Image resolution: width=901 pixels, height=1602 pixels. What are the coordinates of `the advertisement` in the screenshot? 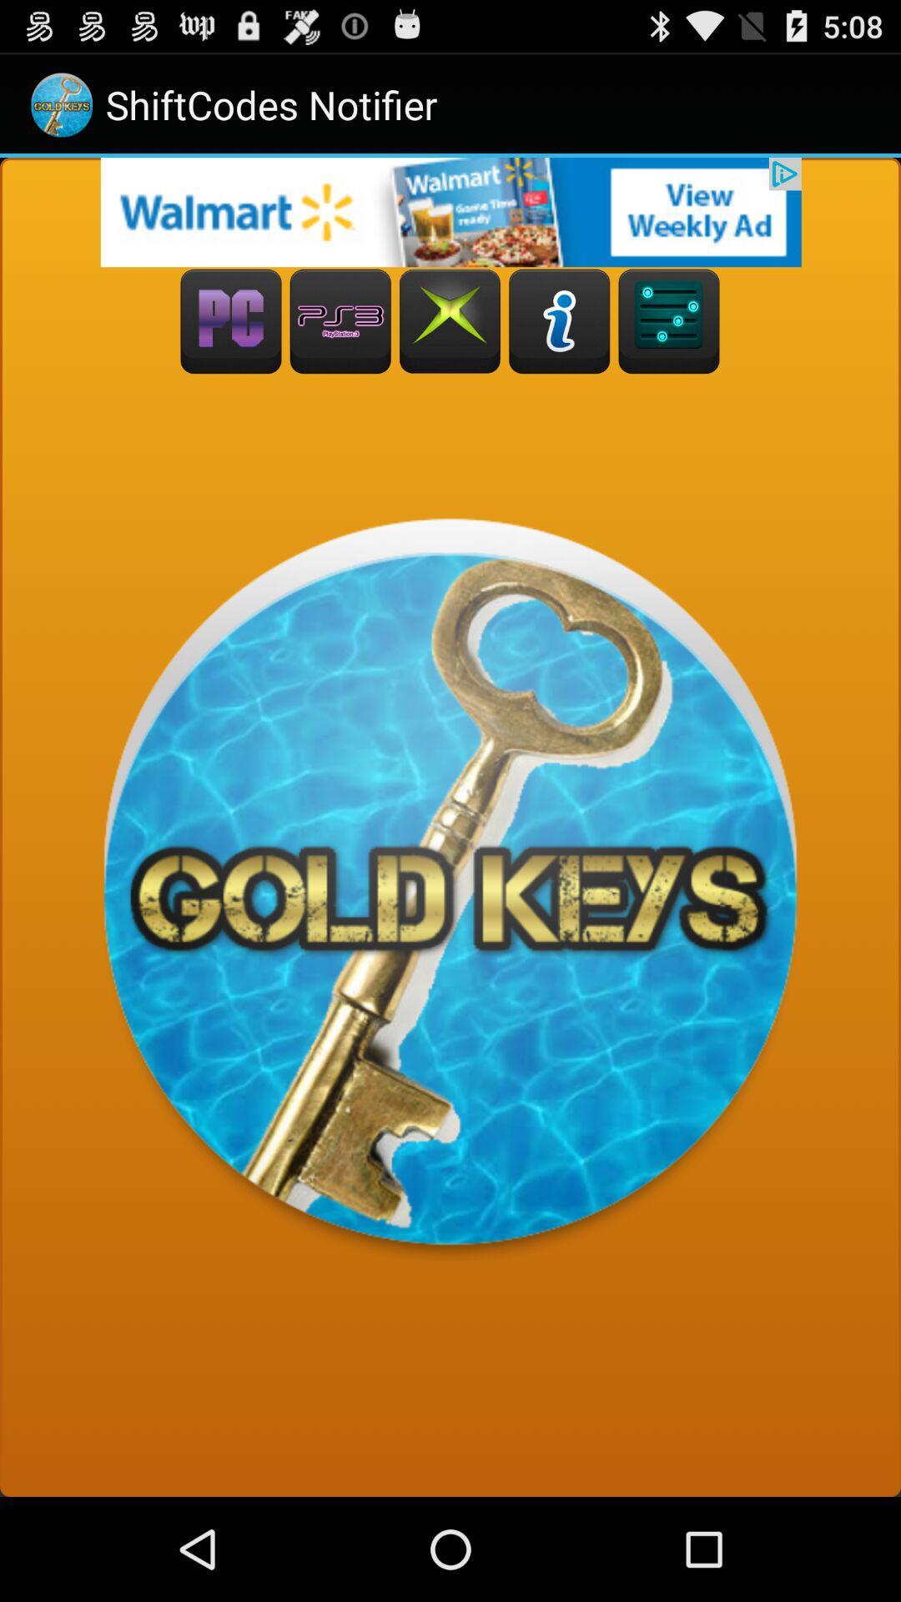 It's located at (450, 211).